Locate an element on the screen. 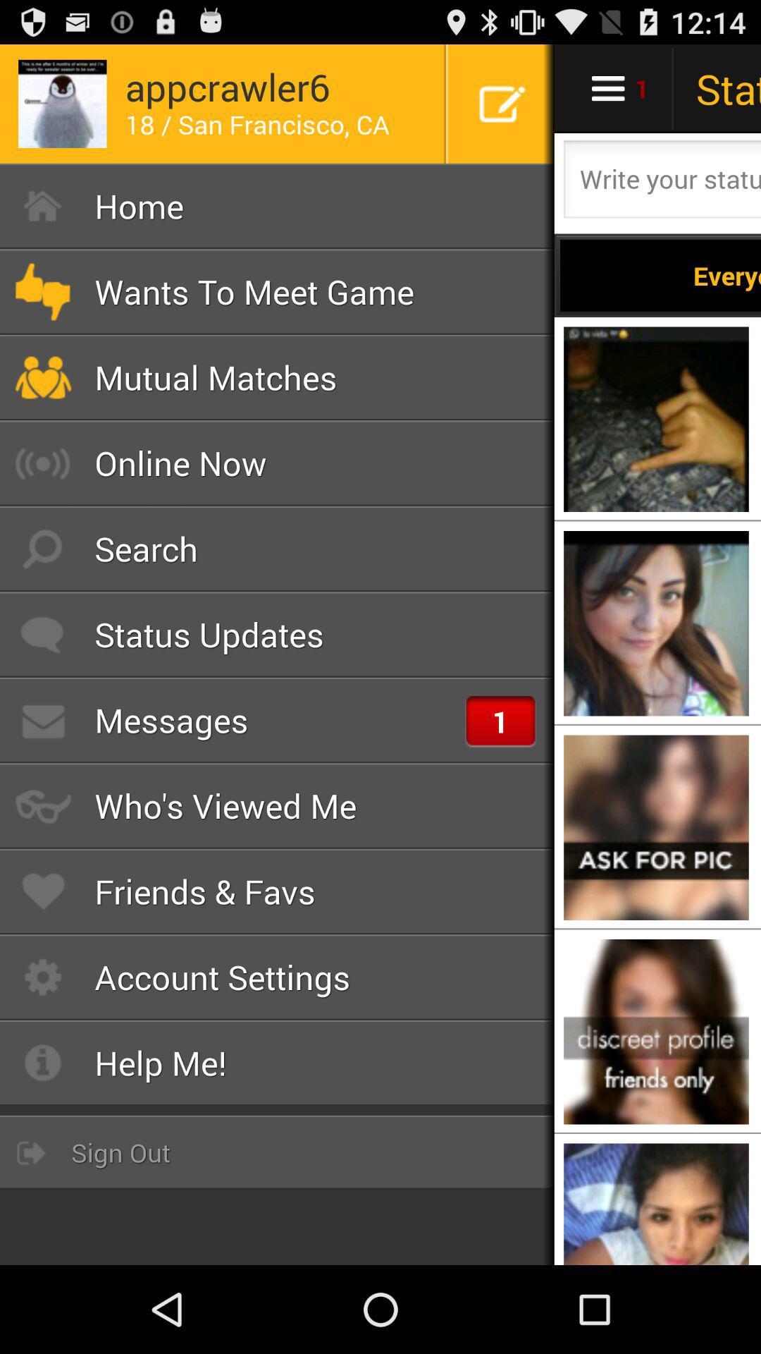 The image size is (761, 1354). account settings icon is located at coordinates (277, 977).